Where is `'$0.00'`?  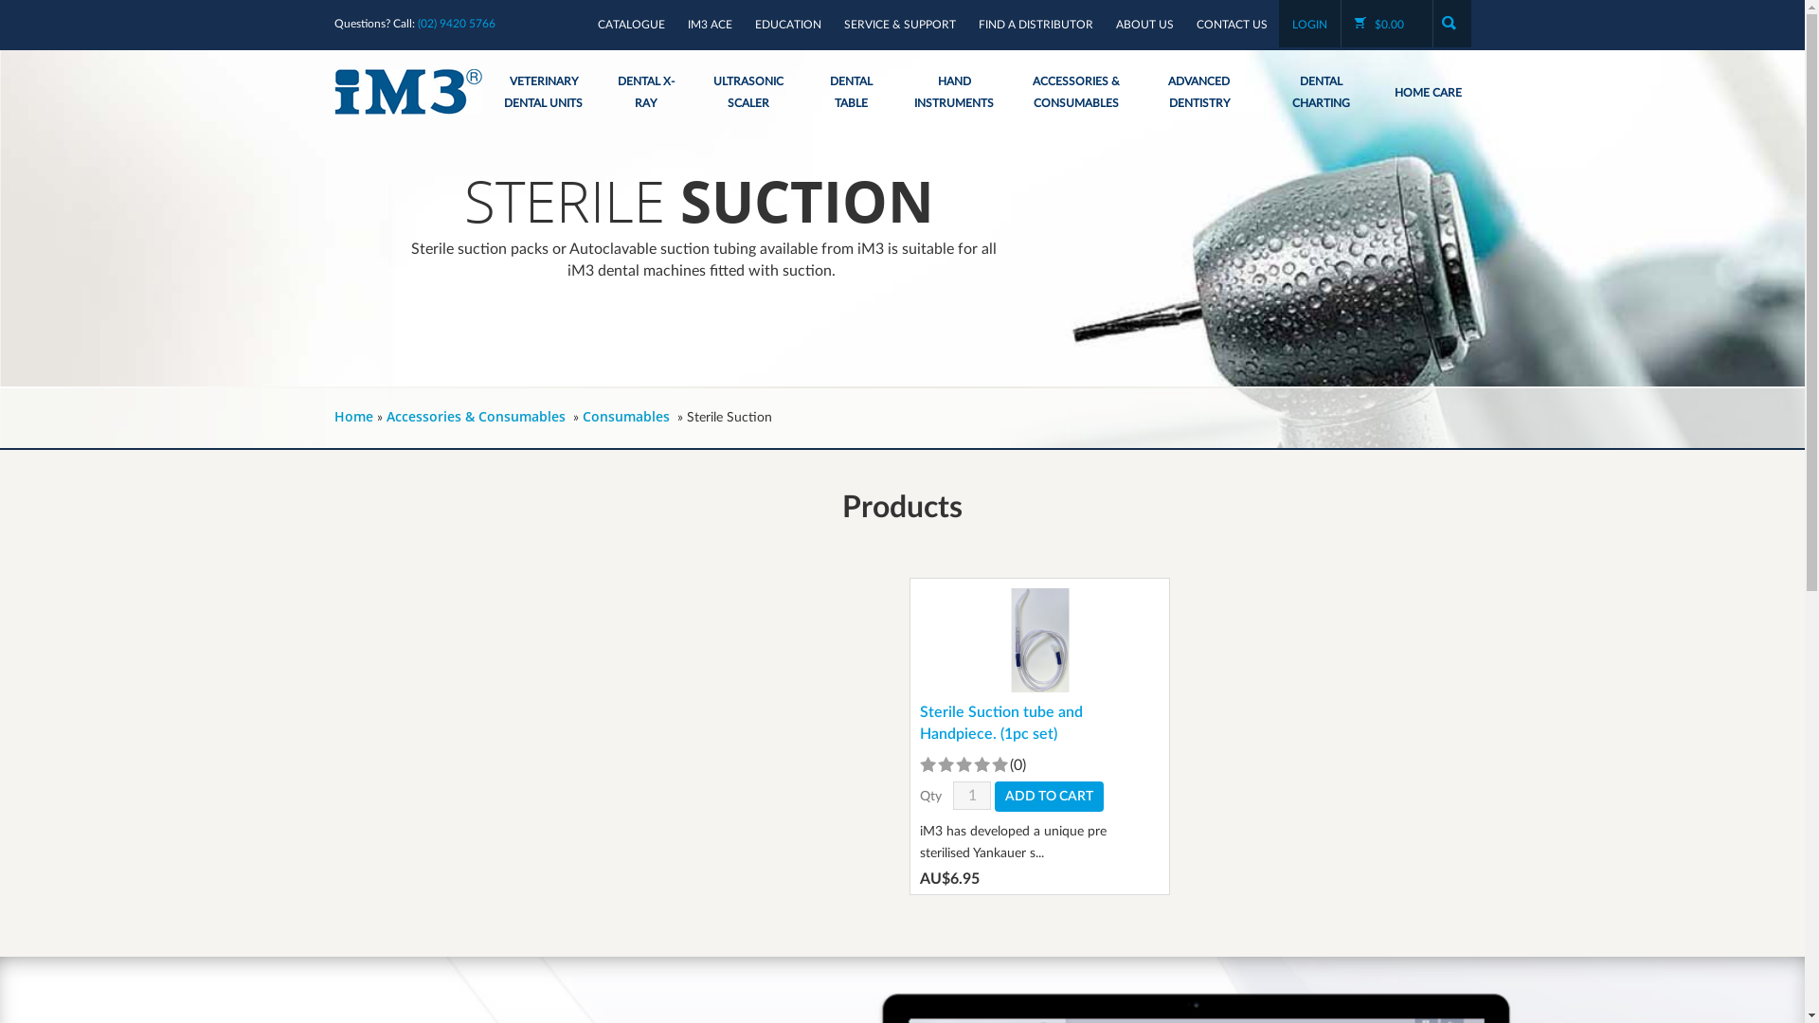
'$0.00' is located at coordinates (1387, 25).